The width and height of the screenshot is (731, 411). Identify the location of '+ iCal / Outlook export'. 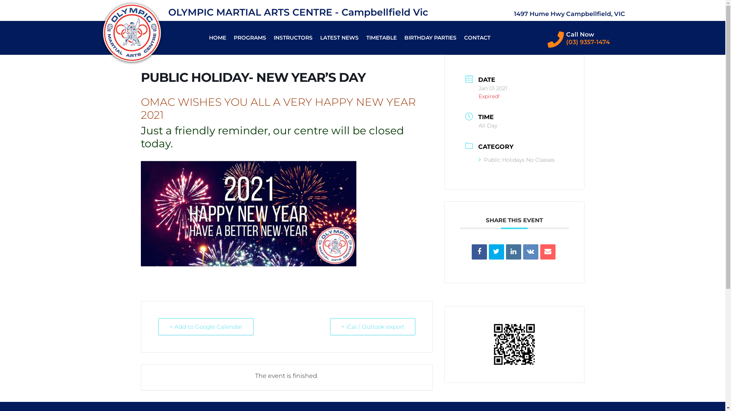
(373, 326).